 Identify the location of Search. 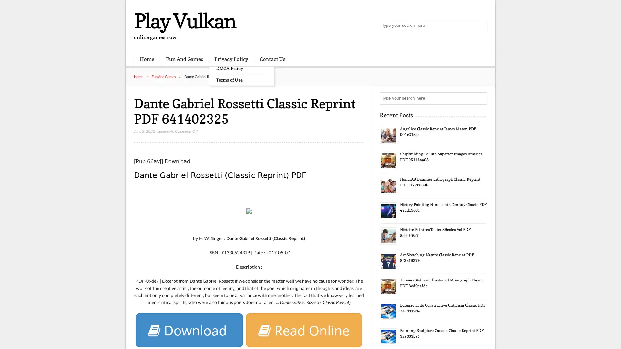
(480, 98).